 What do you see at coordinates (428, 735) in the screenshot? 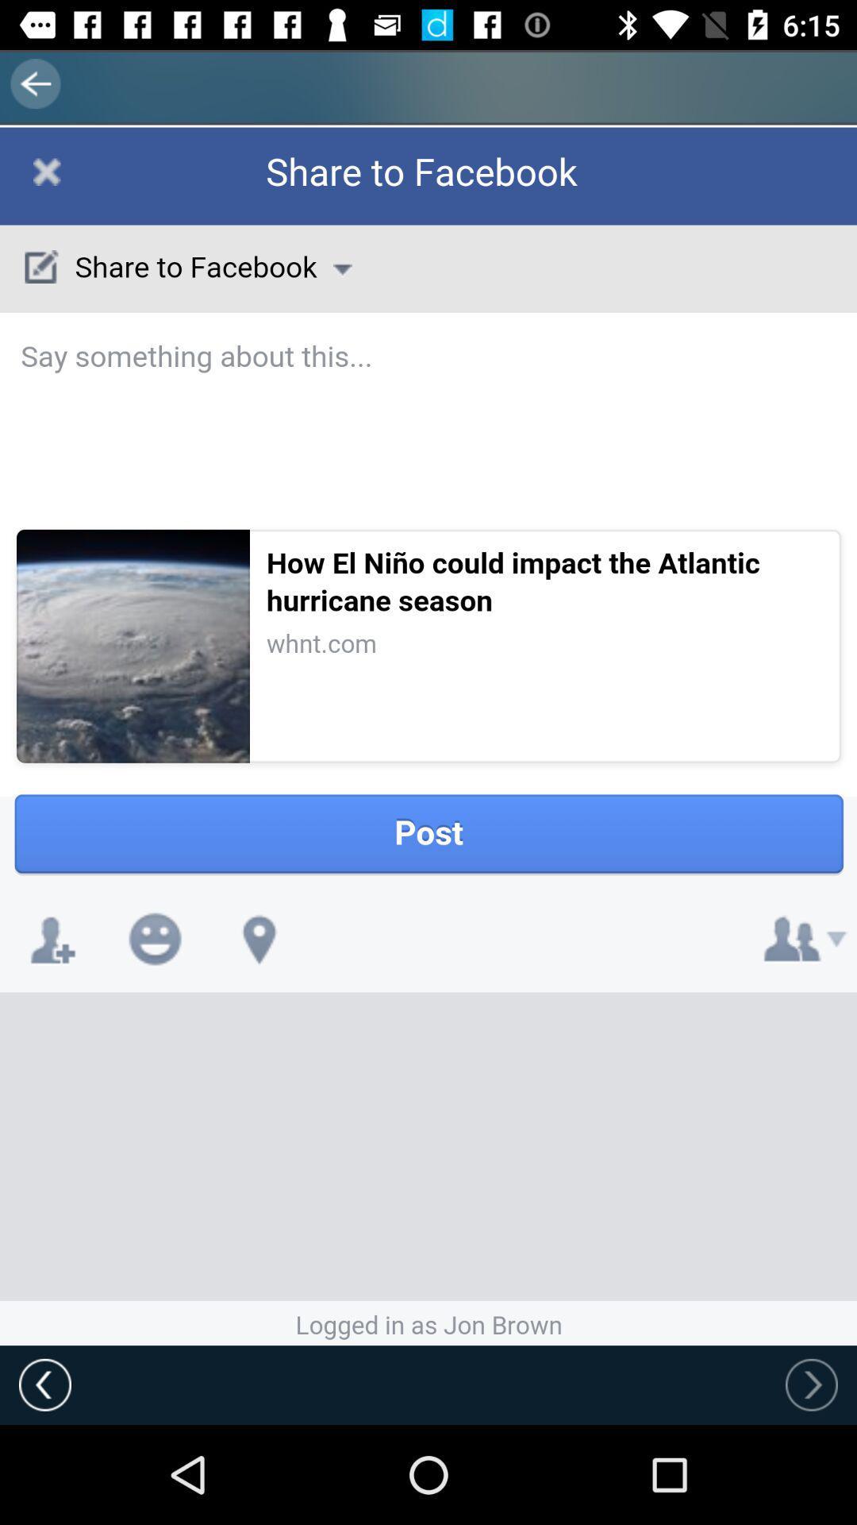
I see `main content space` at bounding box center [428, 735].